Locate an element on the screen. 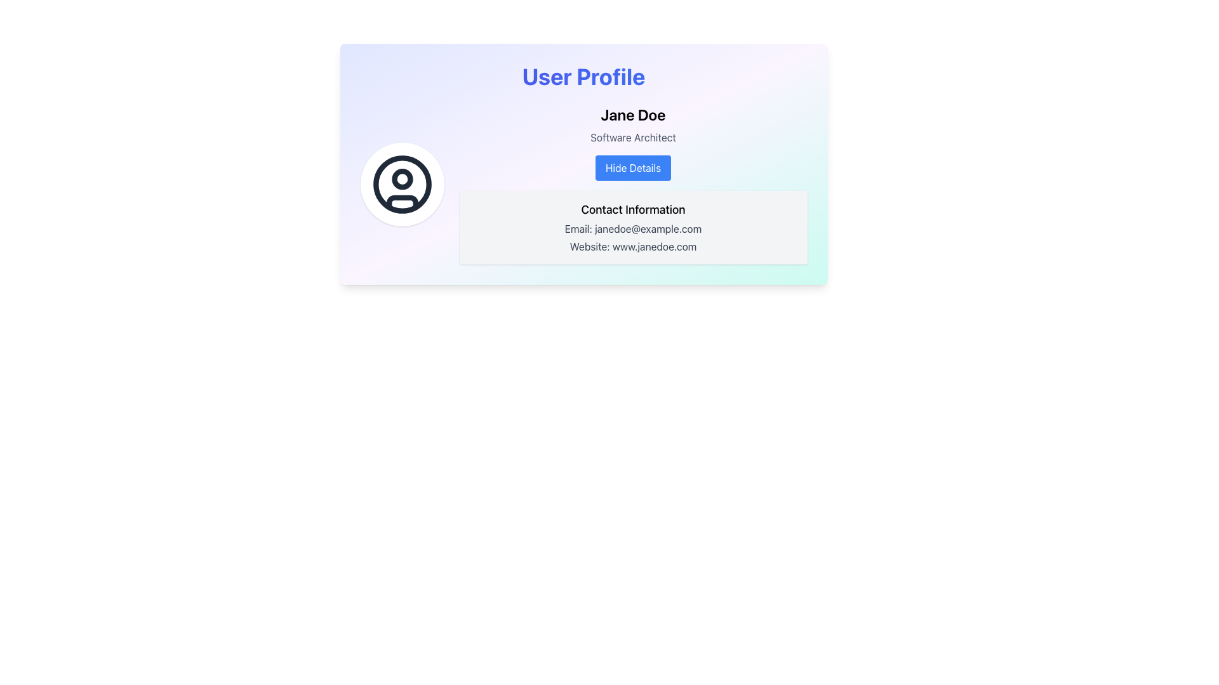  the distinct rectangular Informational box with a light gray background and rounded corners that contains the title 'Contact Information', positioned below the 'Hide Details' button is located at coordinates (633, 226).